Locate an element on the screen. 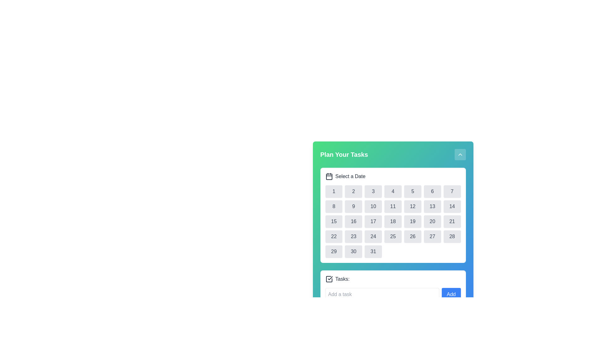 This screenshot has height=338, width=602. the button representing the selectable day in the calendar interface located in the second row and fourth column is located at coordinates (393, 206).